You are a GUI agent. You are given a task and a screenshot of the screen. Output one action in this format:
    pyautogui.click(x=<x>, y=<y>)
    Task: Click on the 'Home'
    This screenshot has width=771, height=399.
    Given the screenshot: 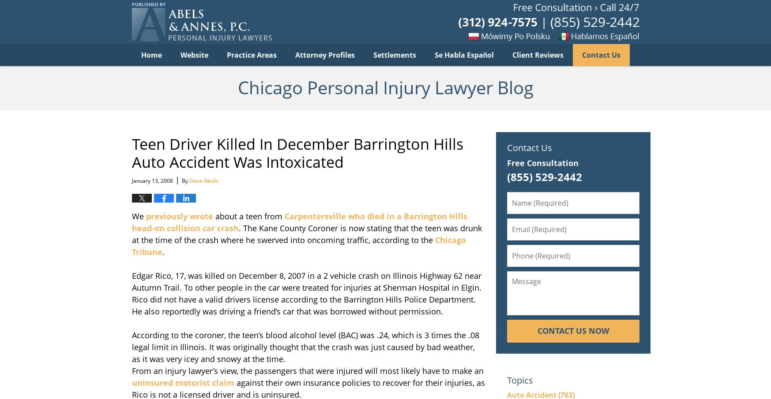 What is the action you would take?
    pyautogui.click(x=140, y=55)
    